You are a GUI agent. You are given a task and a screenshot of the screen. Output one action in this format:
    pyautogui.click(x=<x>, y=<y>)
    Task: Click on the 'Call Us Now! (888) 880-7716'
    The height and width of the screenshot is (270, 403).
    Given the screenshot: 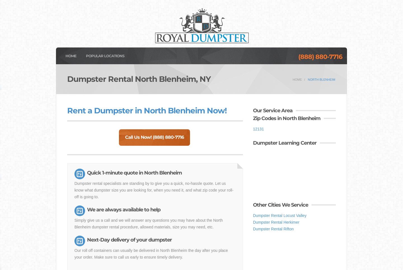 What is the action you would take?
    pyautogui.click(x=154, y=137)
    